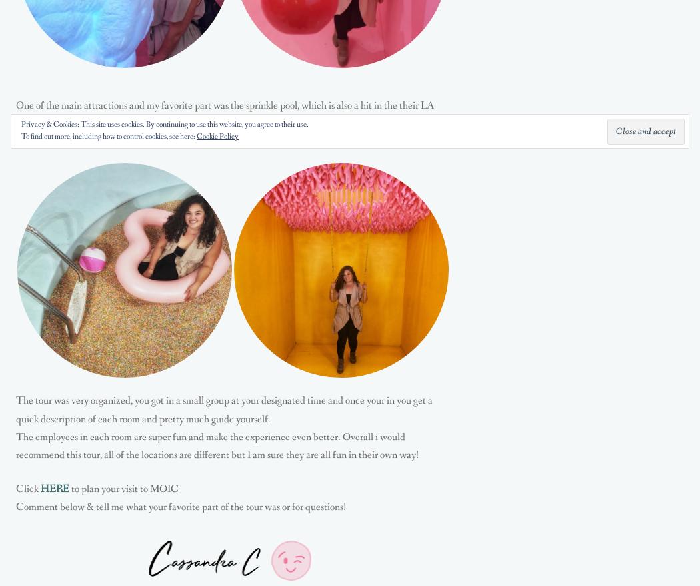 The width and height of the screenshot is (700, 586). What do you see at coordinates (217, 137) in the screenshot?
I see `'Cookie Policy'` at bounding box center [217, 137].